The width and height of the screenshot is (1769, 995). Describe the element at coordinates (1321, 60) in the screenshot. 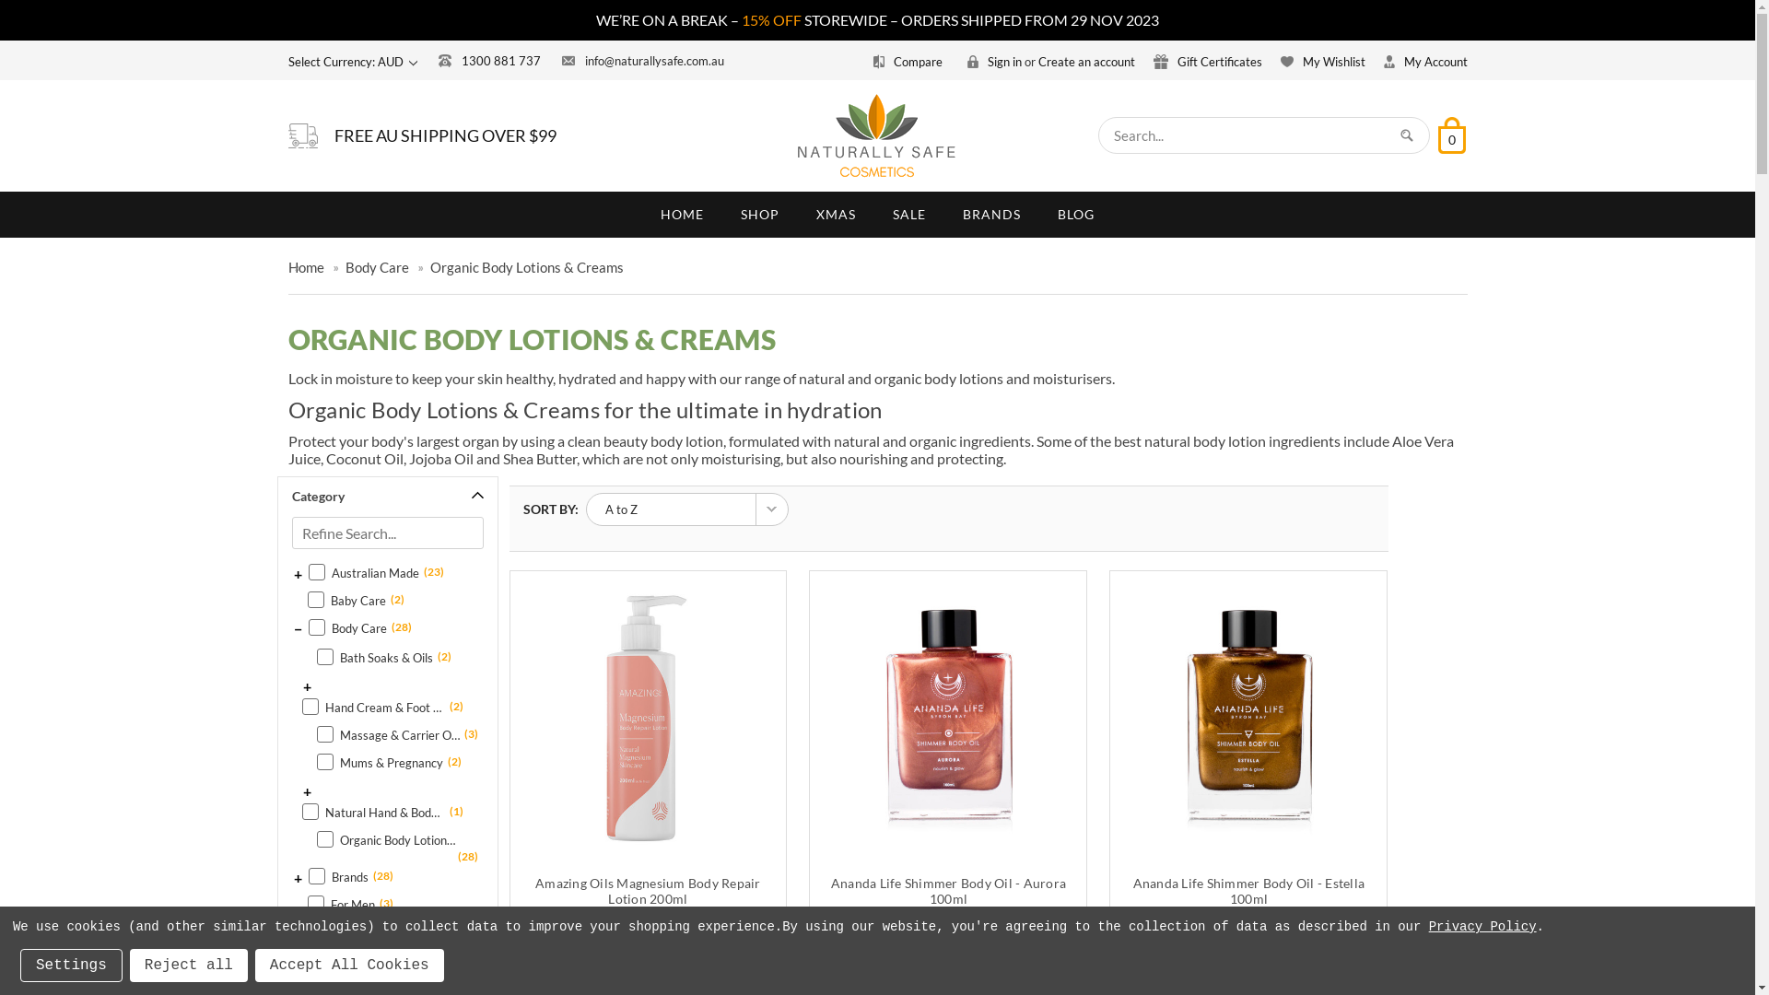

I see `'My Wishlist'` at that location.